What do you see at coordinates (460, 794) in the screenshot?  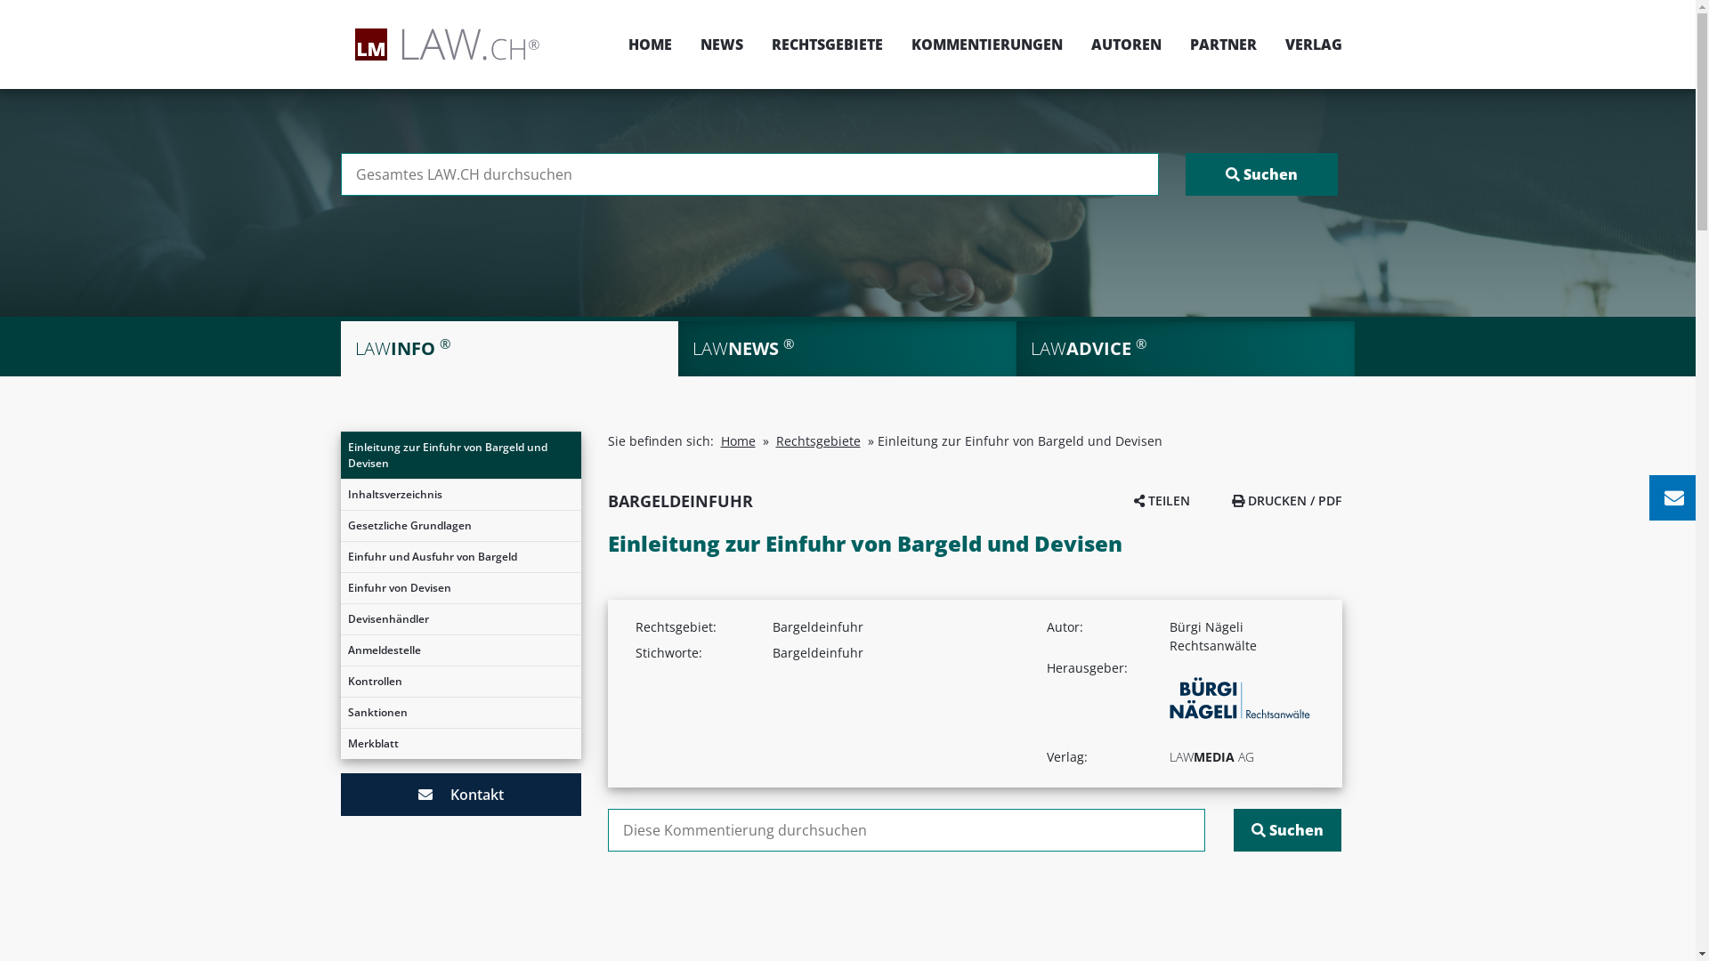 I see `'    Kontakt'` at bounding box center [460, 794].